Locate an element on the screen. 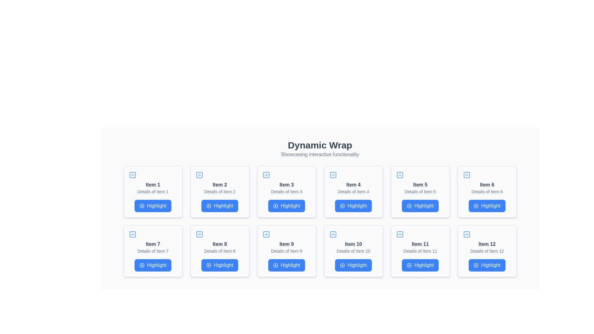  the interactive card located in the fourth row and third column of the grid layout, which contains a button labeled 'Highlight' is located at coordinates (487, 251).